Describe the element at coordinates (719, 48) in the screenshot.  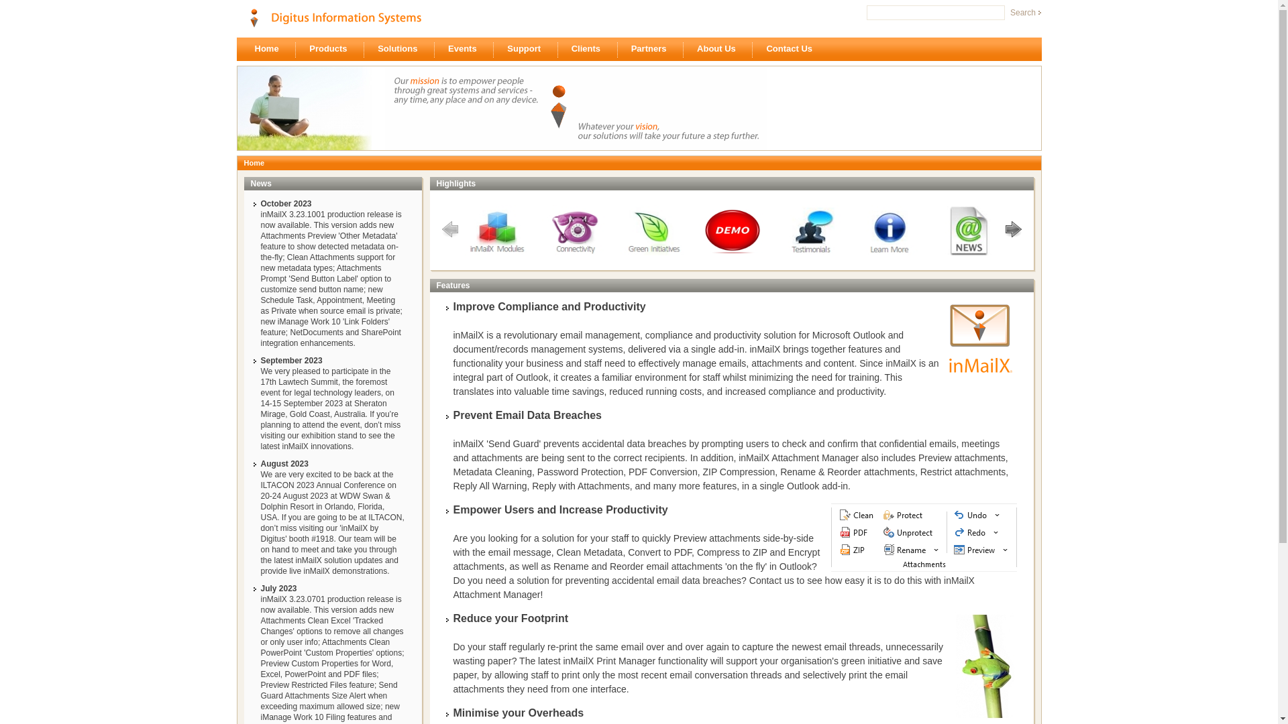
I see `'About Us'` at that location.